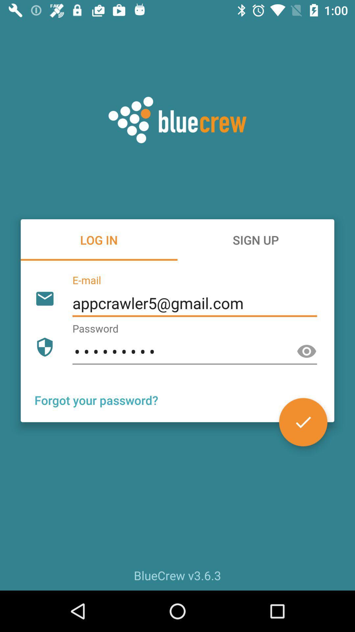  What do you see at coordinates (303, 422) in the screenshot?
I see `the app` at bounding box center [303, 422].